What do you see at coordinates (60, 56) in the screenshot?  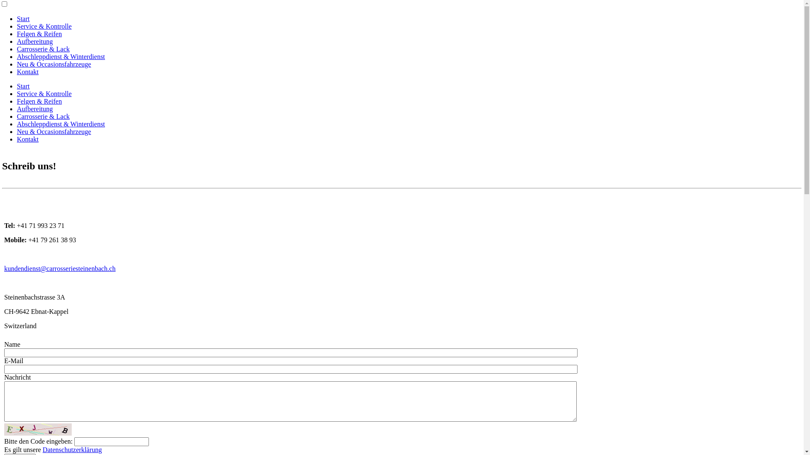 I see `'Abschleppdienst & Winterdienst'` at bounding box center [60, 56].